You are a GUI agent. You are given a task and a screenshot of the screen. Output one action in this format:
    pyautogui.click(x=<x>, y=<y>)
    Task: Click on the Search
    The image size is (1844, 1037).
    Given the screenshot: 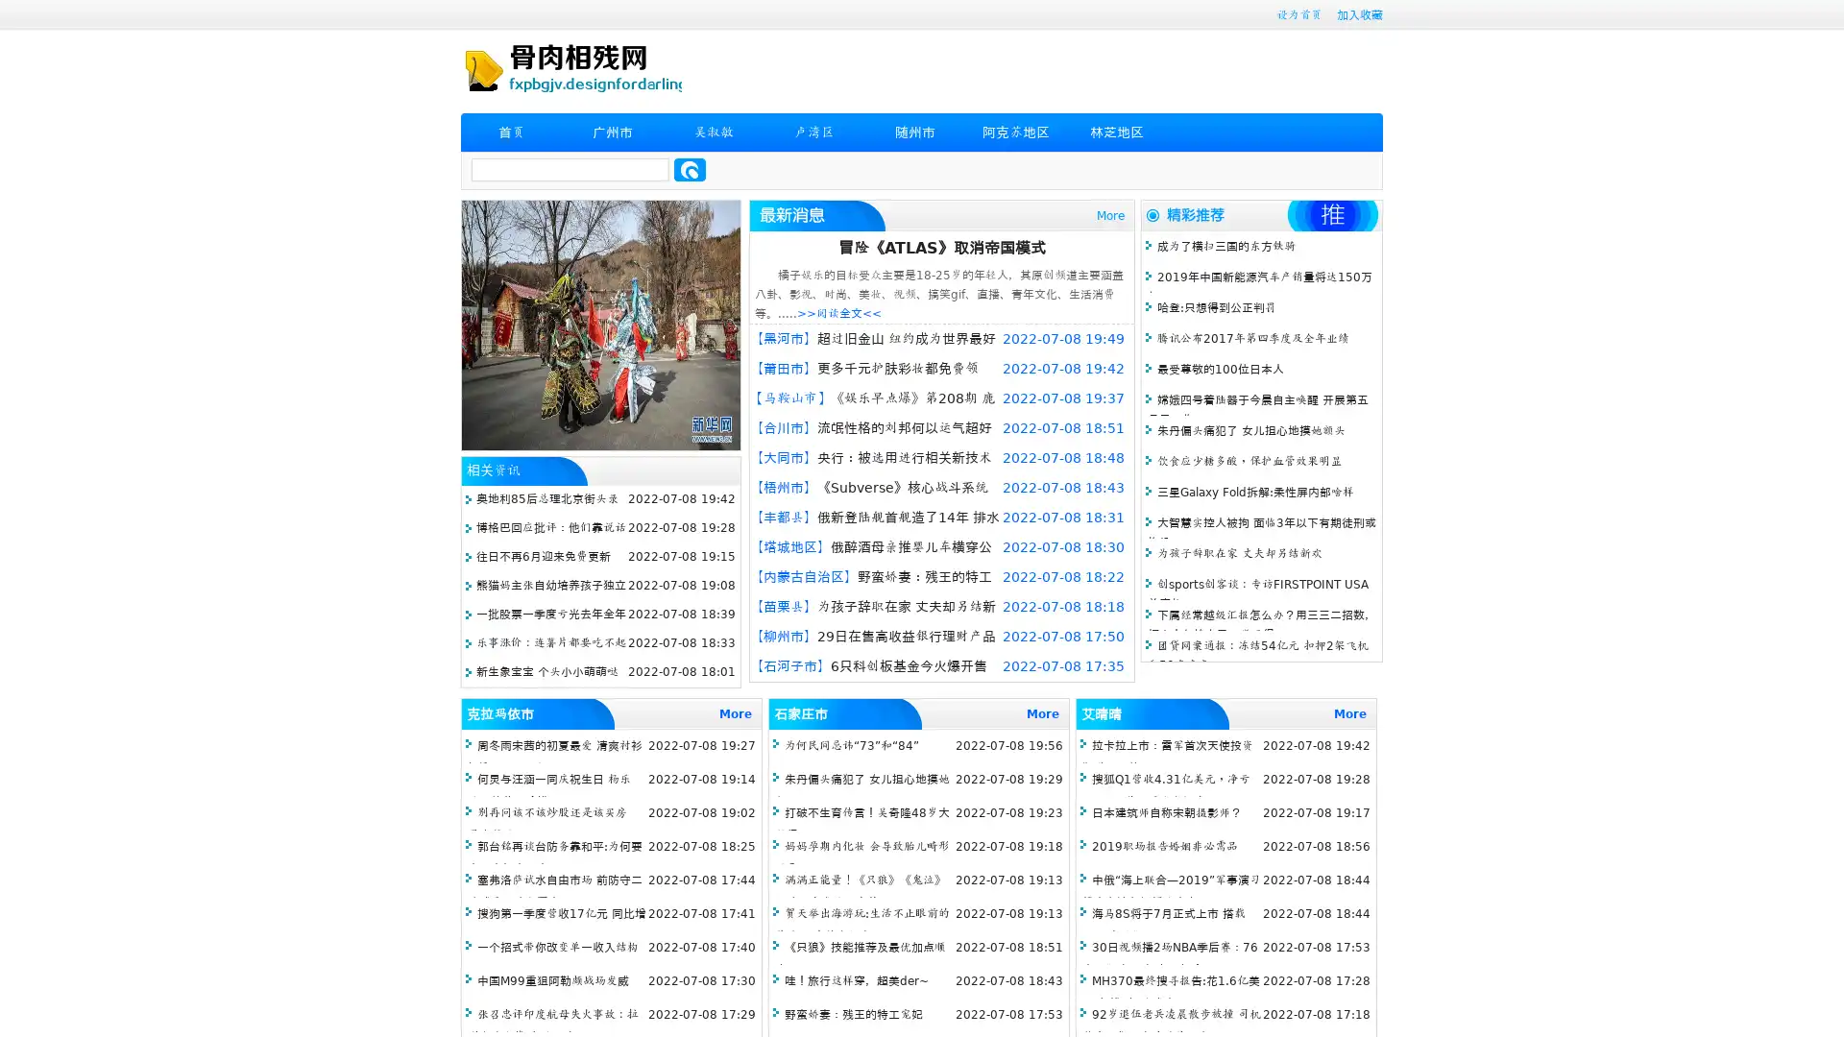 What is the action you would take?
    pyautogui.click(x=690, y=169)
    